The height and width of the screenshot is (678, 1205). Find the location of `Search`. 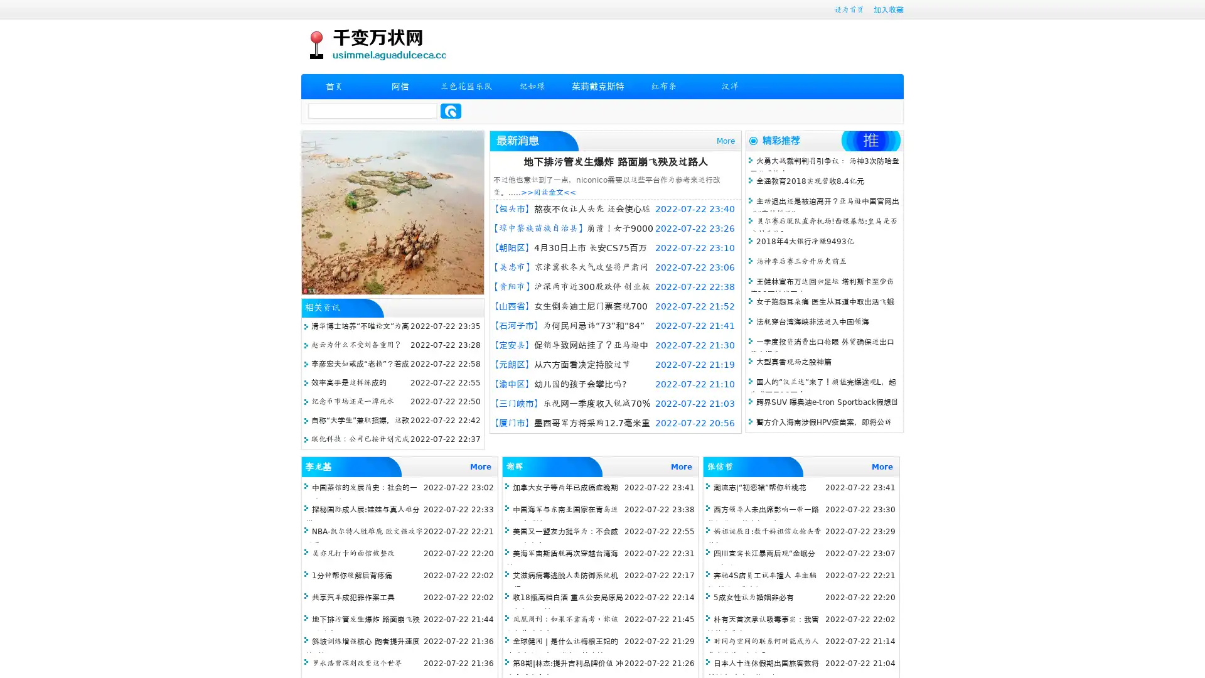

Search is located at coordinates (451, 110).